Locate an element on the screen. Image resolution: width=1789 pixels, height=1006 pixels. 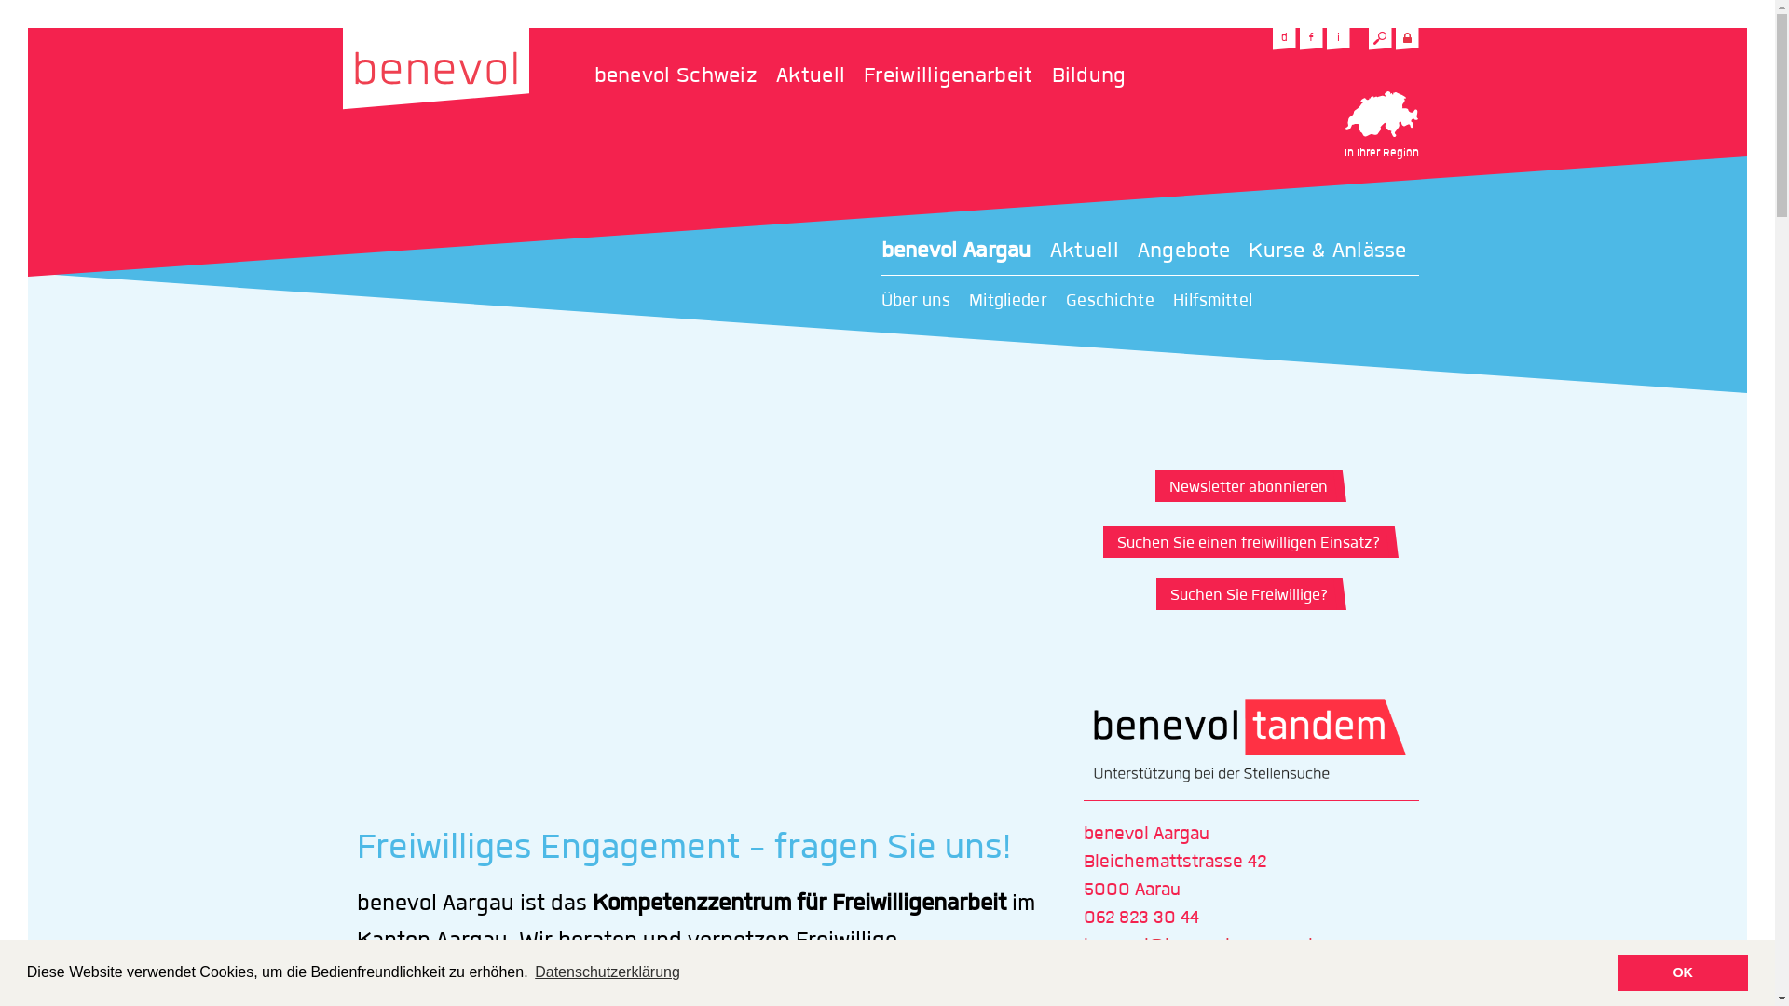
'd' is located at coordinates (1283, 38).